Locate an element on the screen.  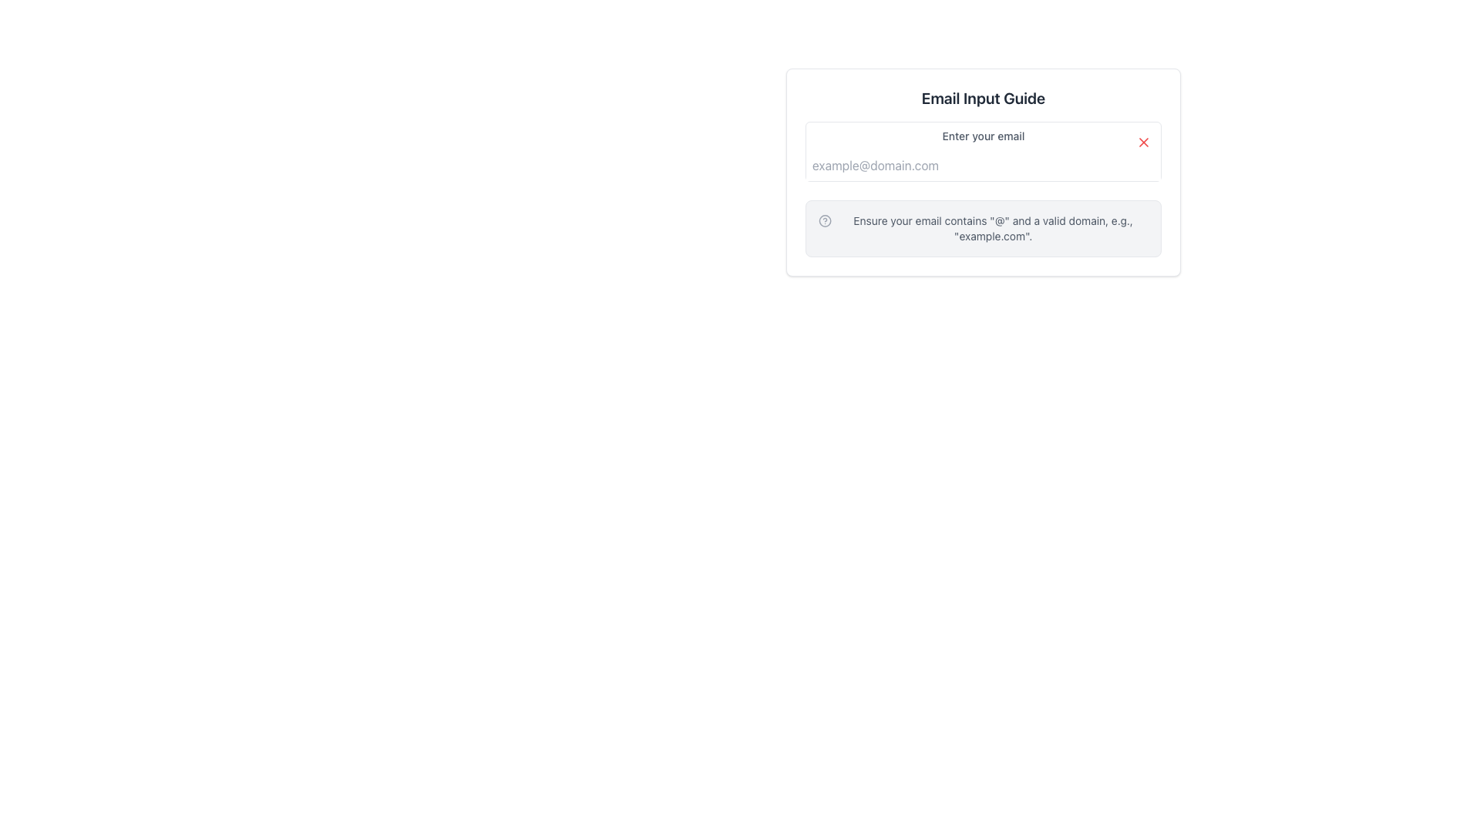
the small red 'X' close button located at the top-right corner of the email input field to clear the input is located at coordinates (1143, 143).